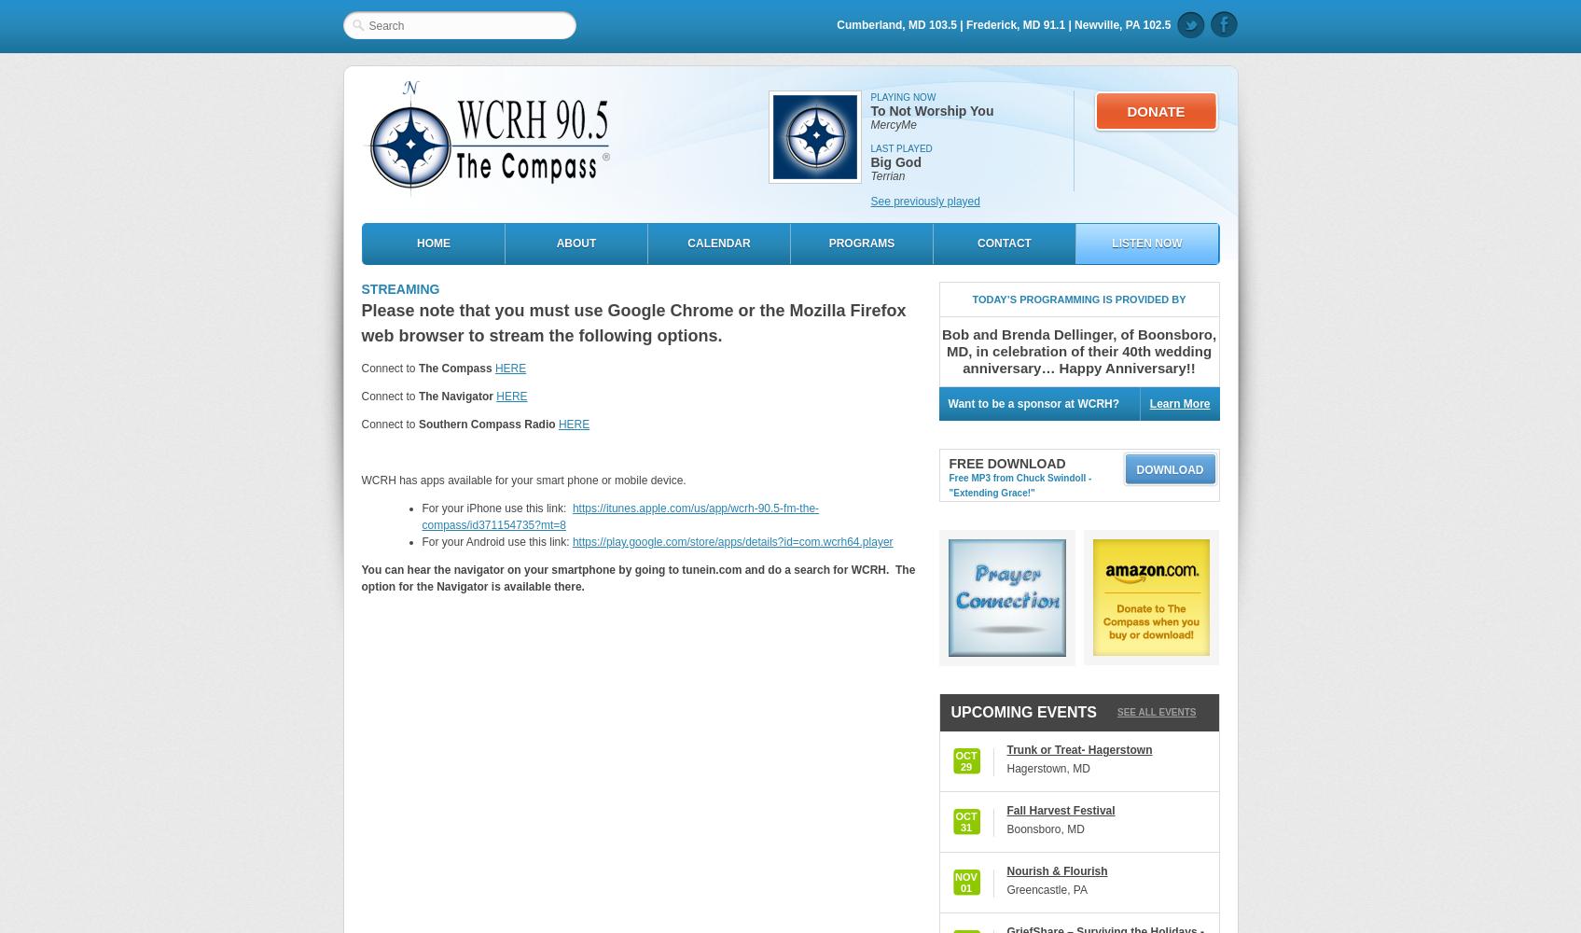  I want to click on 'Please note that you must use Google Chrome or the', so click(574, 310).